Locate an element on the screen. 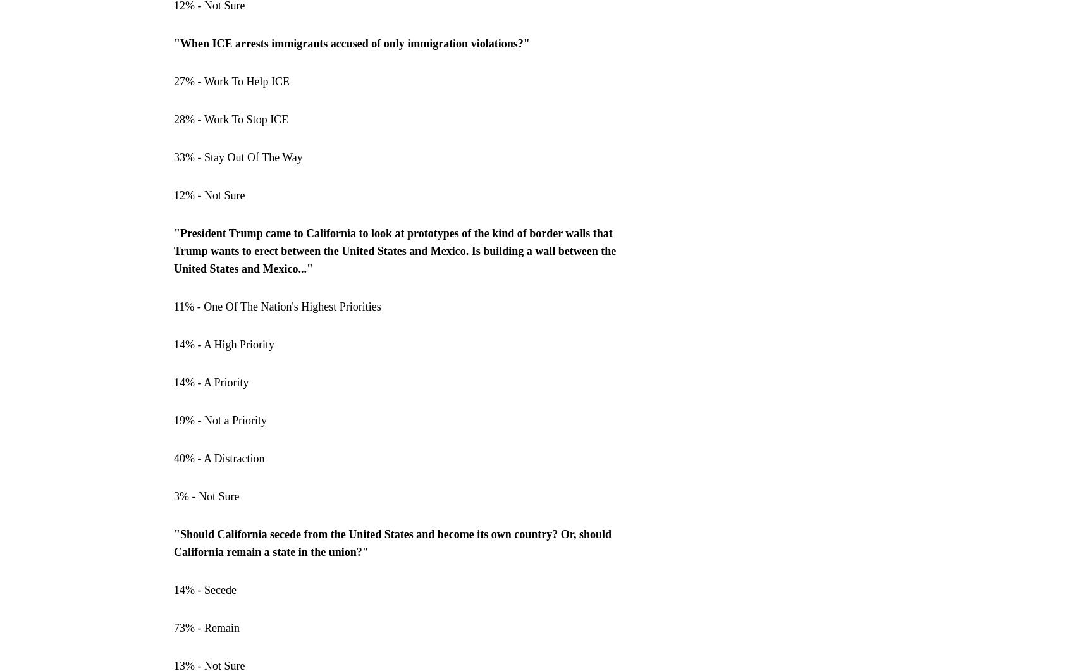 The width and height of the screenshot is (1070, 671). '12%	- Not Sure' is located at coordinates (208, 194).